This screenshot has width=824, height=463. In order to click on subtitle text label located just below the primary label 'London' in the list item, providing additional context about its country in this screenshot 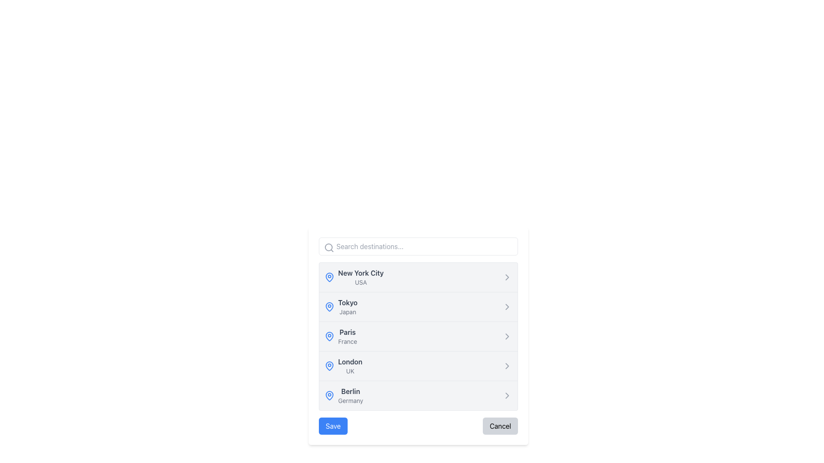, I will do `click(350, 371)`.